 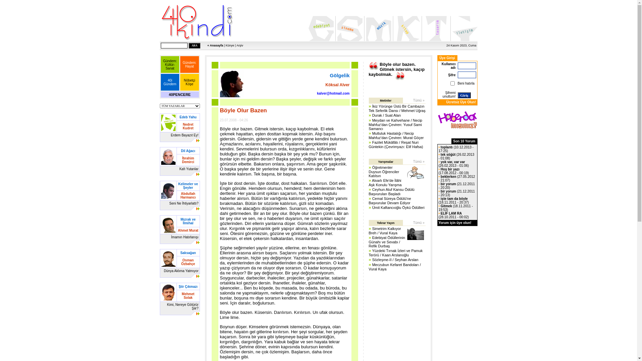 What do you see at coordinates (457, 119) in the screenshot?
I see `'Haberdar'` at bounding box center [457, 119].